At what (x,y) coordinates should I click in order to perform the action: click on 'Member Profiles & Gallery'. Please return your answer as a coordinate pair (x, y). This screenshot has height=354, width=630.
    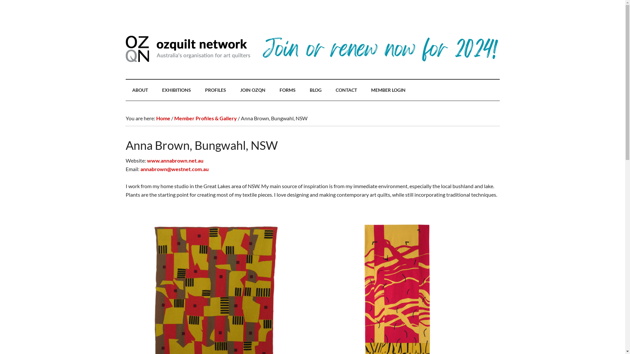
    Looking at the image, I should click on (174, 118).